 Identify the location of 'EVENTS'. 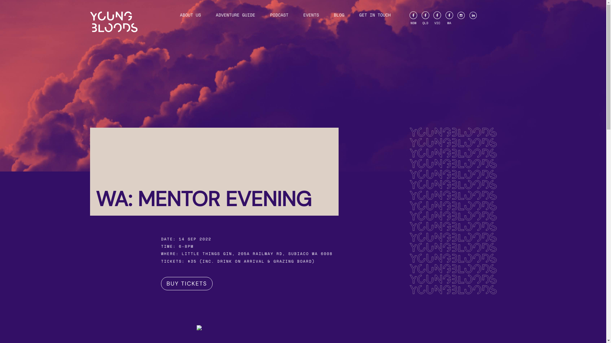
(311, 14).